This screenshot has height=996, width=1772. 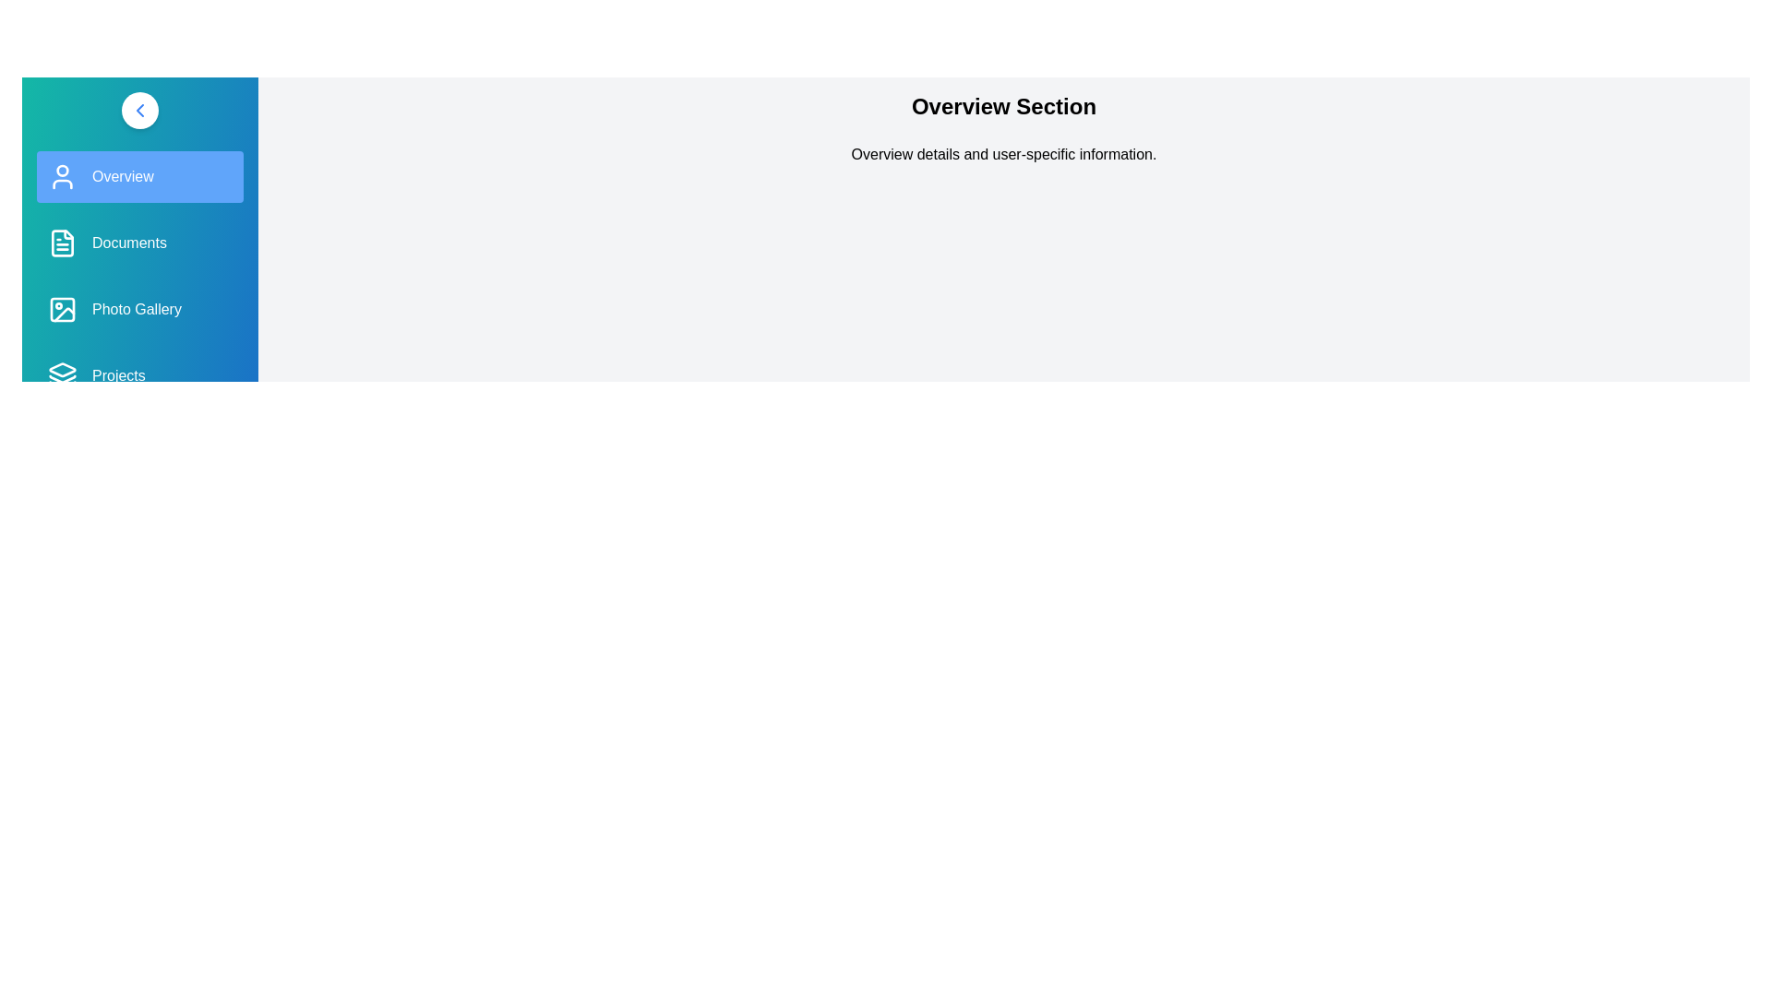 What do you see at coordinates (139, 242) in the screenshot?
I see `the navigation item Documents from the list` at bounding box center [139, 242].